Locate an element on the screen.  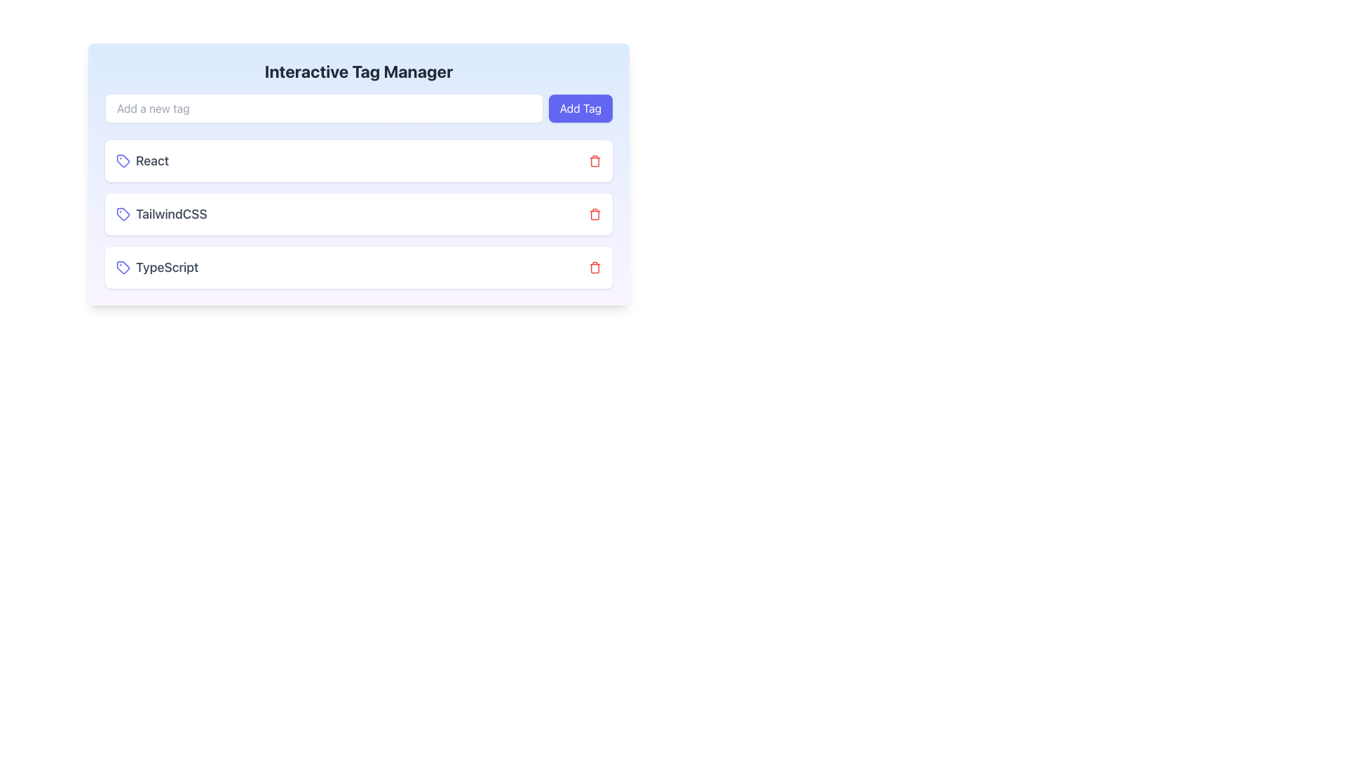
the Decorative SVG element next to the text 'React' in the tag manager interface is located at coordinates (123, 161).